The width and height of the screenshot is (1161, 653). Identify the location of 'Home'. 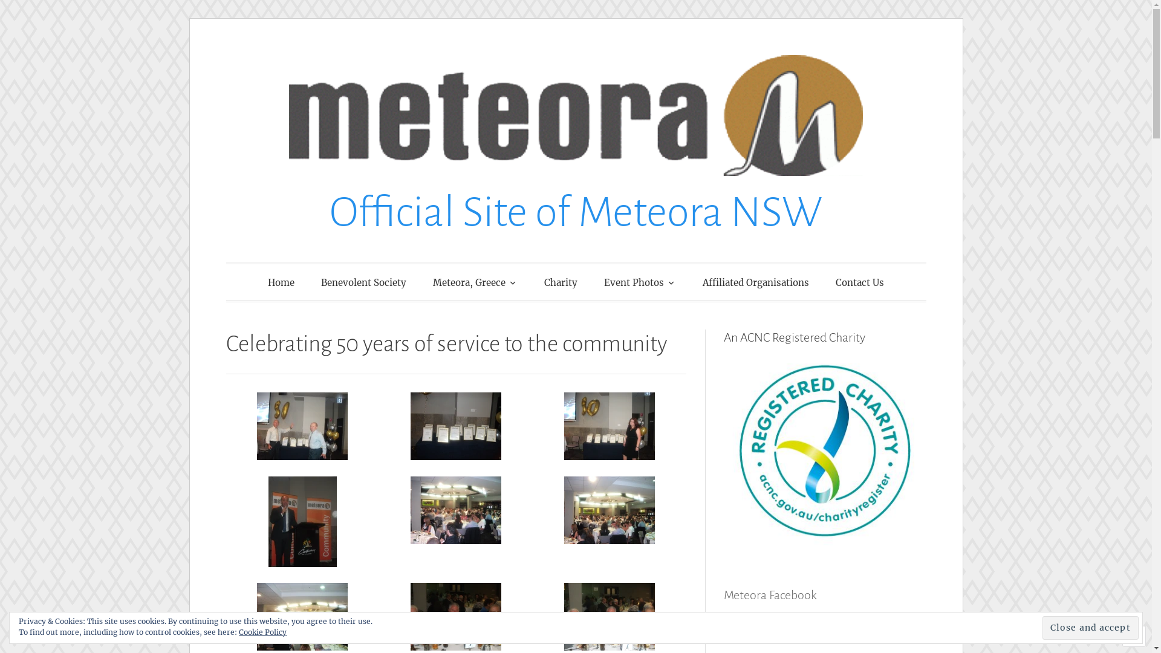
(281, 282).